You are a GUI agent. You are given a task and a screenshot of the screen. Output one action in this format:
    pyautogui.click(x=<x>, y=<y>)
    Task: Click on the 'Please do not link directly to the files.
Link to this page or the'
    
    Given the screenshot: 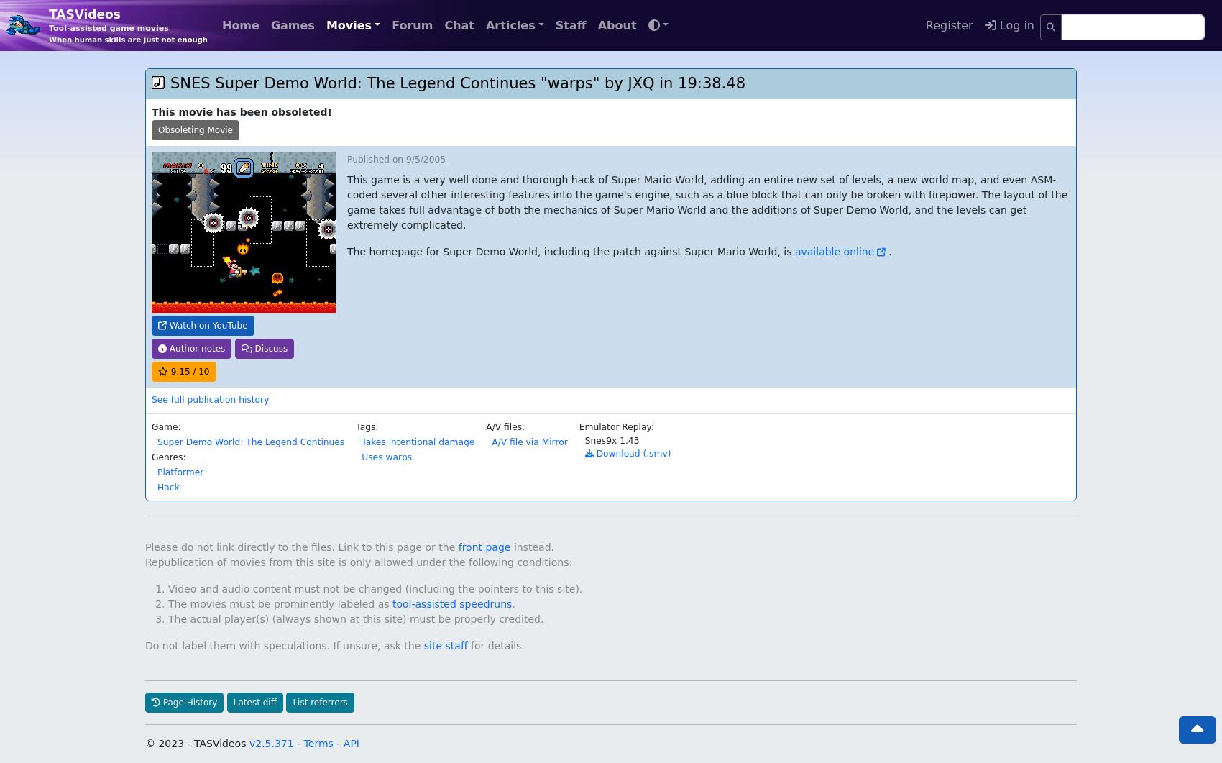 What is the action you would take?
    pyautogui.click(x=300, y=516)
    